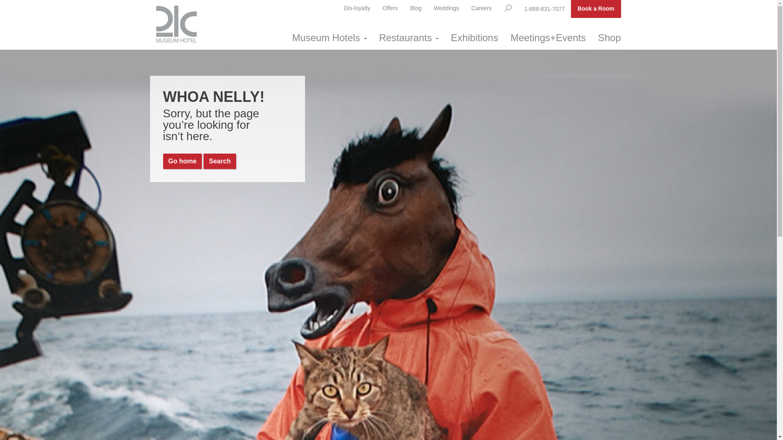 This screenshot has height=440, width=783. I want to click on 'Blog', so click(416, 8).